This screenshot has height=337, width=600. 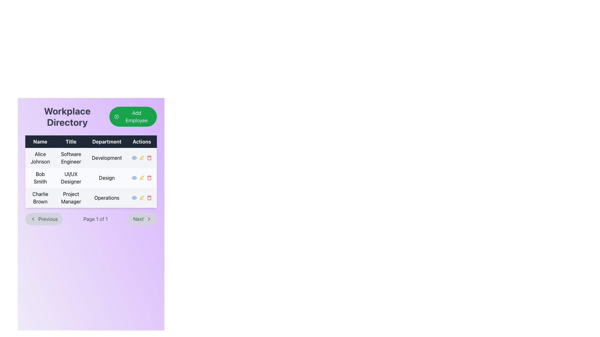 I want to click on the Text Label that displays the current page number and total pages, located in the middle of the pagination bar at the bottom of the interface, so click(x=95, y=219).